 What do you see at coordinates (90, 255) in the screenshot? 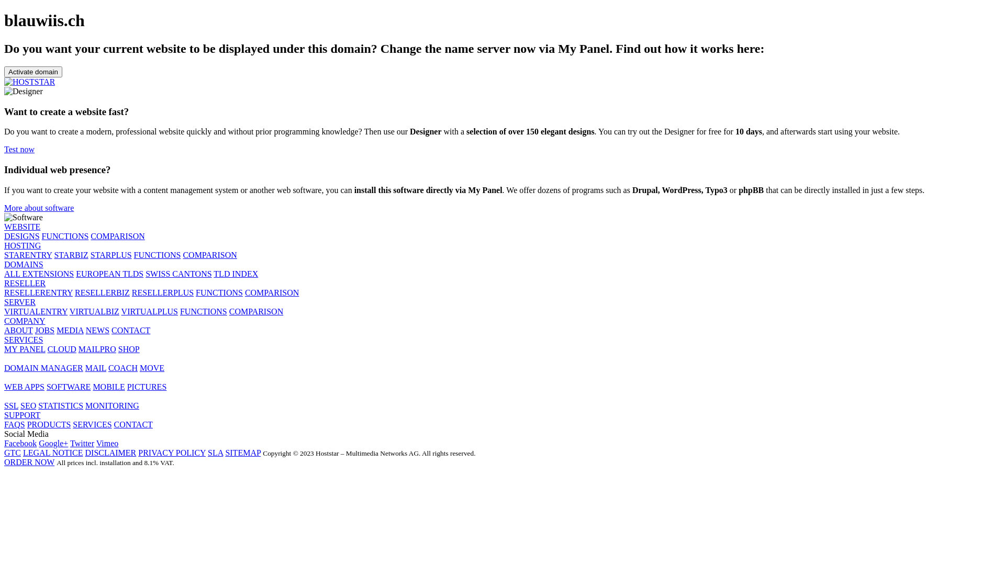
I see `'STARPLUS'` at bounding box center [90, 255].